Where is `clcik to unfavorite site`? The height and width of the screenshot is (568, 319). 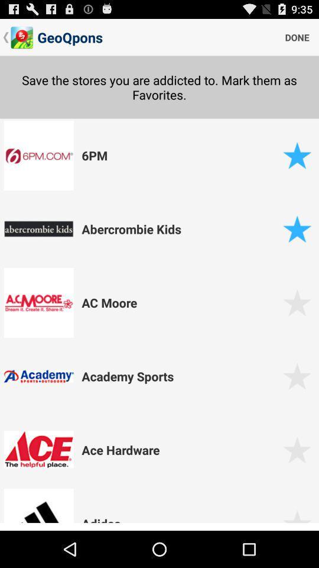 clcik to unfavorite site is located at coordinates (297, 228).